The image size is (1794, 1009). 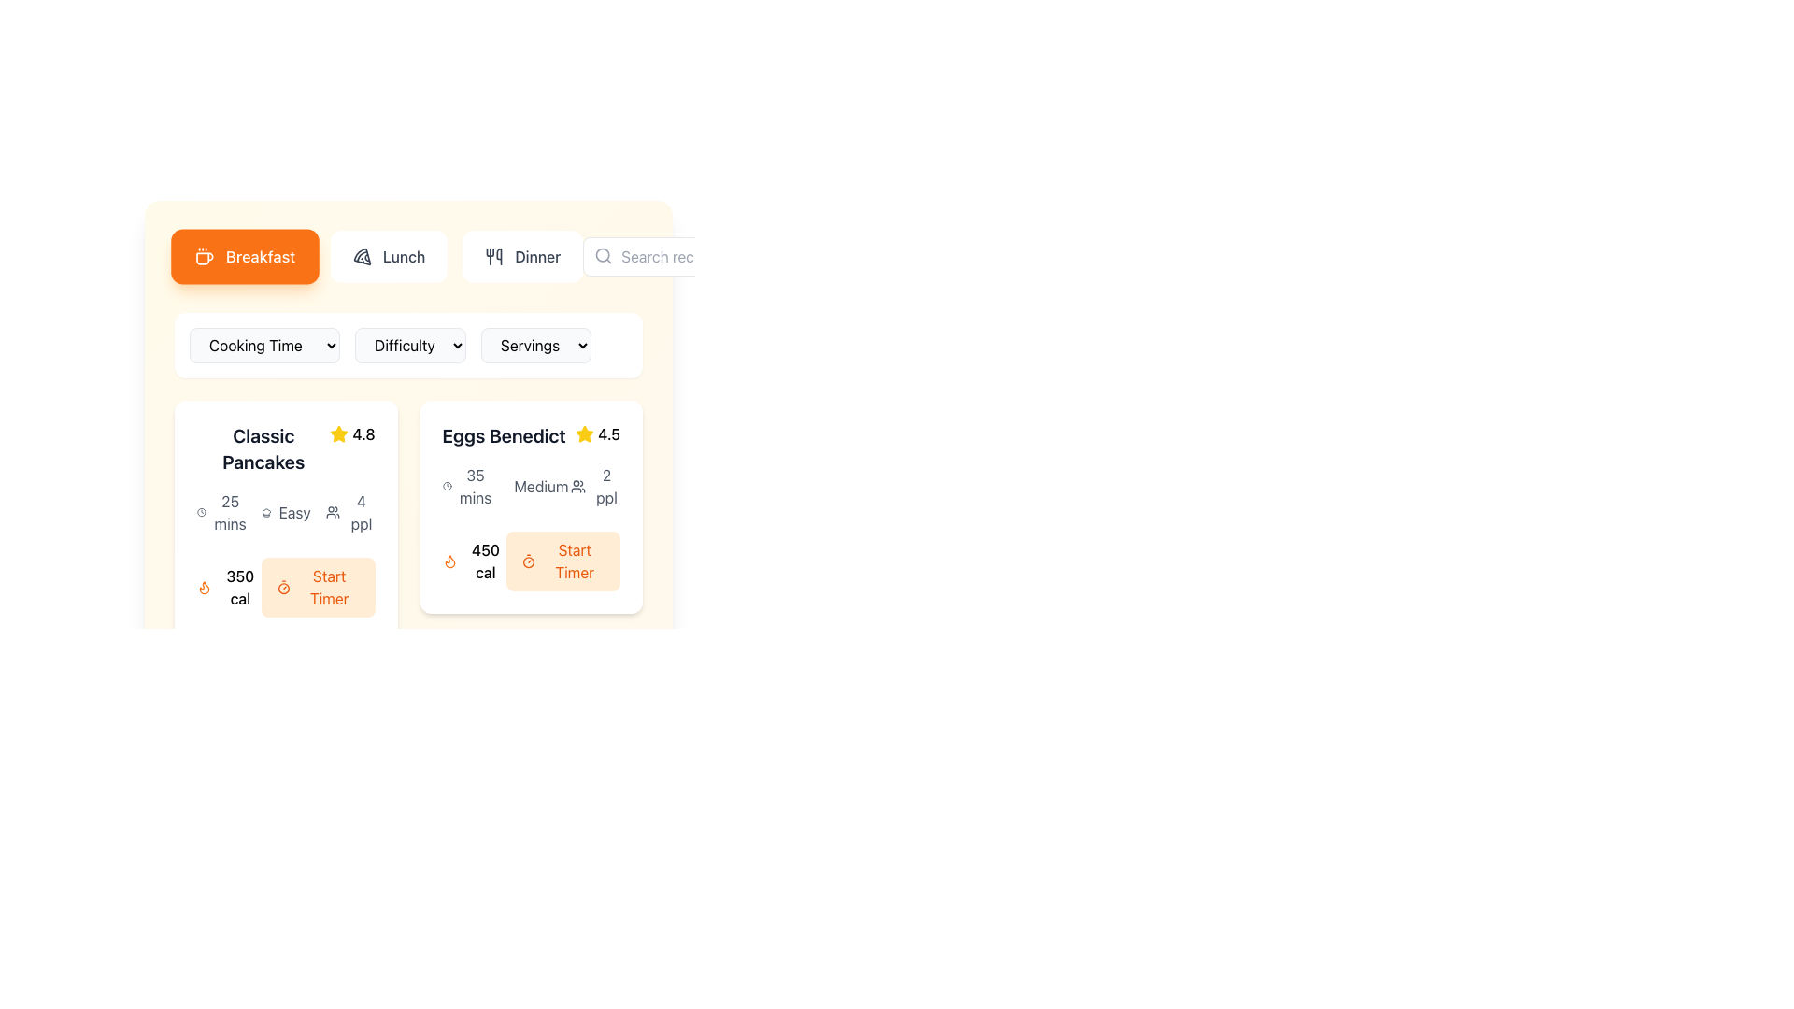 What do you see at coordinates (504, 435) in the screenshot?
I see `the static text label for the 'Eggs Benedict' recipe, which is located at the upper center of the recipe card in the second column of the grid` at bounding box center [504, 435].